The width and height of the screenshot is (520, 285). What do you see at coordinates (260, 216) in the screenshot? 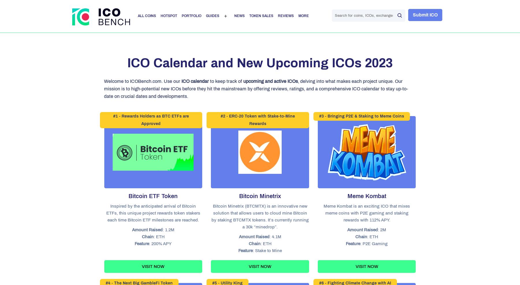
I see `'Bitcoin Minetrix (BTCMTX) is an innovative new solution that allows users to cloud mine Bitcoin by staking BTCMTX tokens. It’s currently running a 30k “minedrop”.'` at bounding box center [260, 216].